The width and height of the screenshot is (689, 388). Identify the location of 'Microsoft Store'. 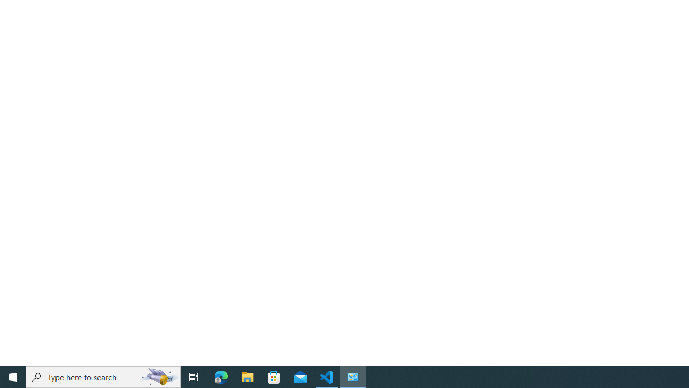
(274, 376).